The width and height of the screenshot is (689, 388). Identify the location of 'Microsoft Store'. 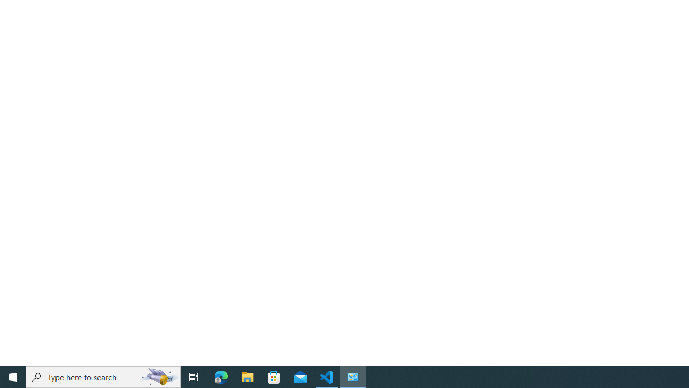
(274, 376).